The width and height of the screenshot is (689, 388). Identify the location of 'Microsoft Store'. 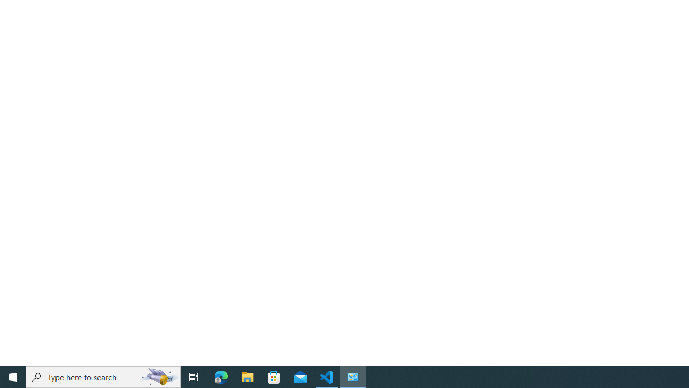
(274, 376).